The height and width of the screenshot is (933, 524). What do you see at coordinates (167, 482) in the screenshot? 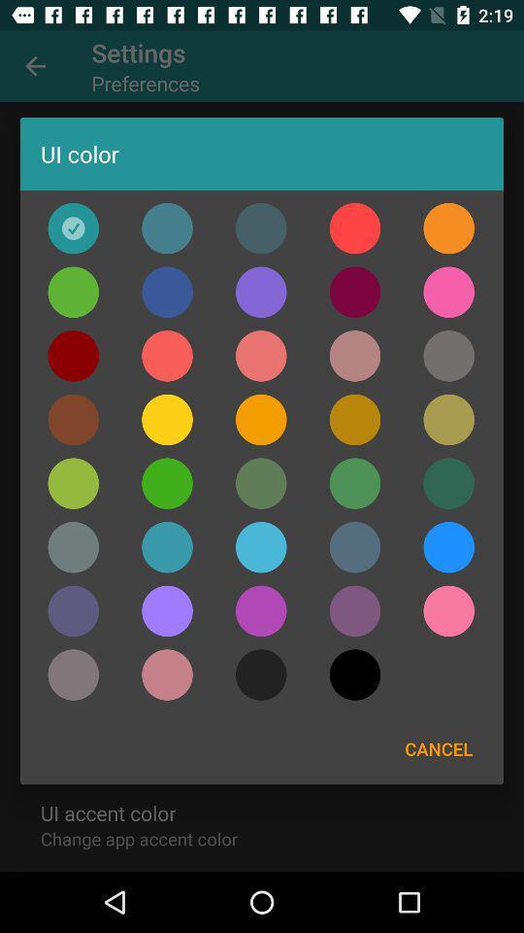
I see `this color` at bounding box center [167, 482].